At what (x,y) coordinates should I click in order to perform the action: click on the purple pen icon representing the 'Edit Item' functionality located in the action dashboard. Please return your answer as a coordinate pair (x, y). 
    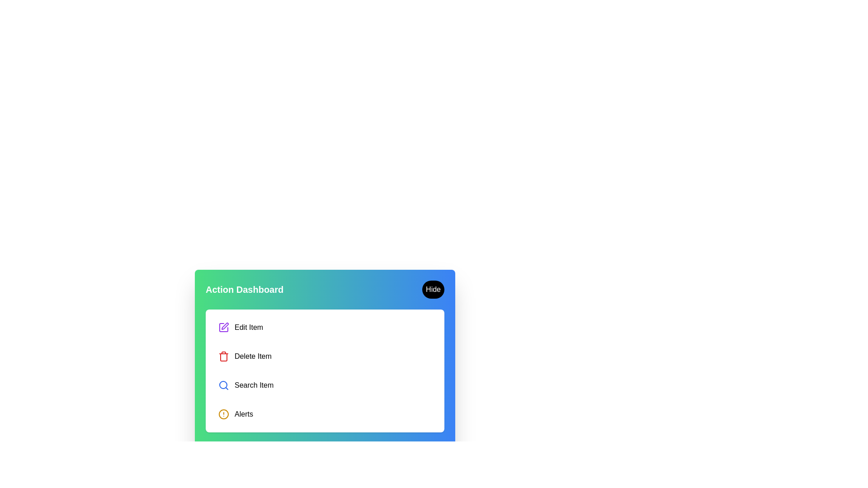
    Looking at the image, I should click on (225, 326).